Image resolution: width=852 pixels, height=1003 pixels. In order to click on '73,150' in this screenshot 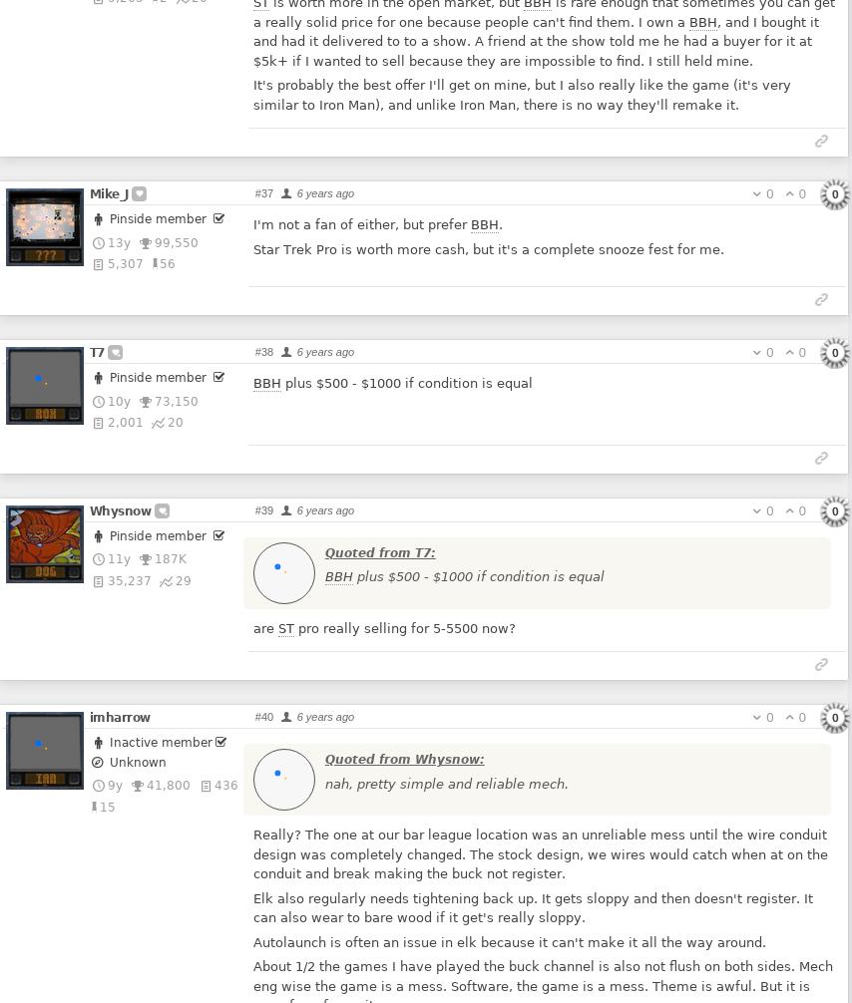, I will do `click(177, 399)`.